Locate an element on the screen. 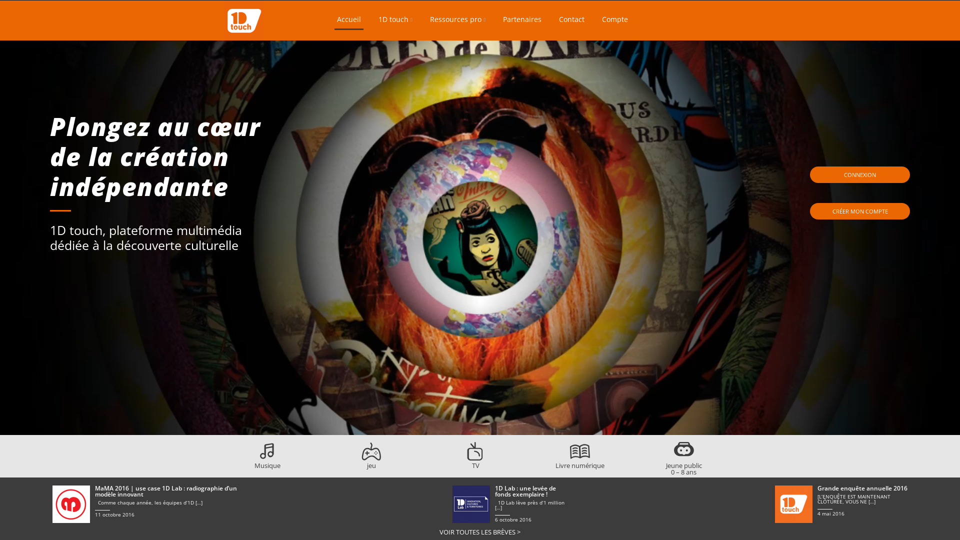 Image resolution: width=960 pixels, height=540 pixels. 'jeu' is located at coordinates (361, 462).